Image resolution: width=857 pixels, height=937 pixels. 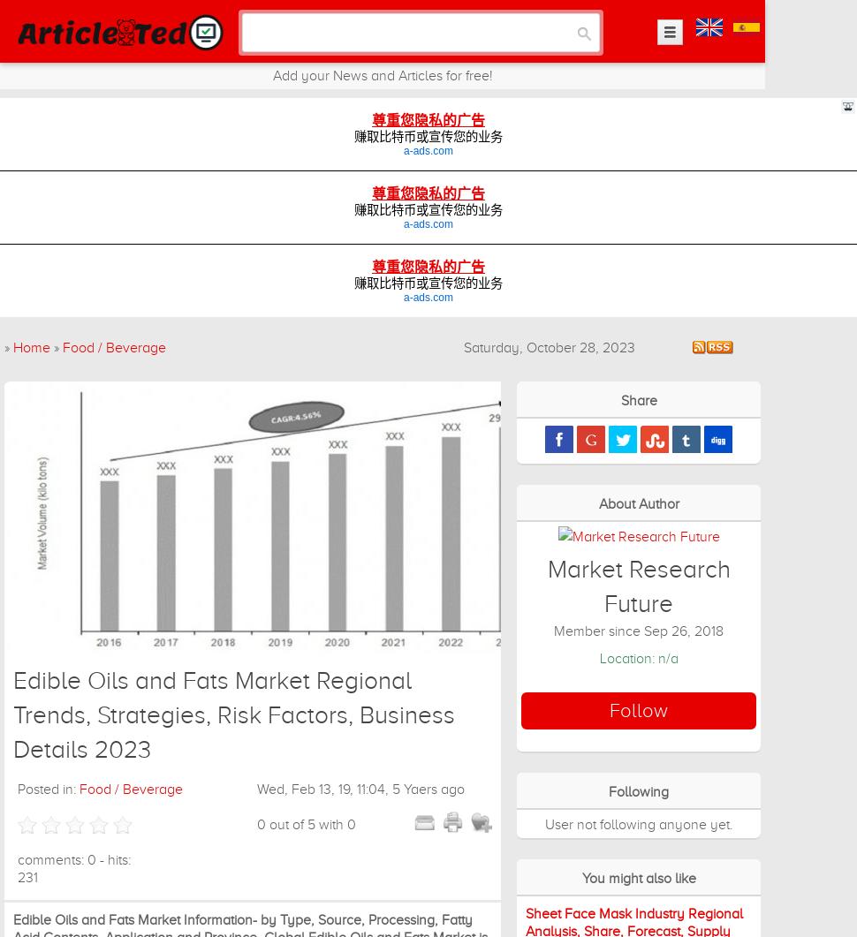 What do you see at coordinates (546, 585) in the screenshot?
I see `'Market Research Future'` at bounding box center [546, 585].